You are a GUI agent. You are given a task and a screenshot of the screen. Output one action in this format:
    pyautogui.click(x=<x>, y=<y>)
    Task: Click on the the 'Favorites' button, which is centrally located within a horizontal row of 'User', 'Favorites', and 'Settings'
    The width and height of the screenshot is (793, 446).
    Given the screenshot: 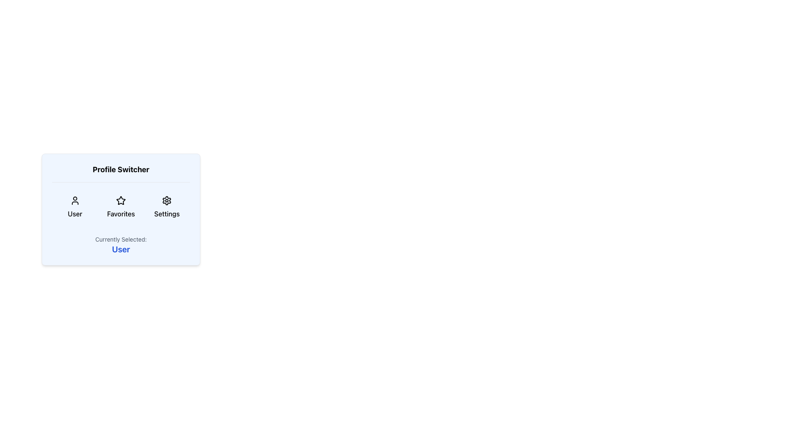 What is the action you would take?
    pyautogui.click(x=120, y=206)
    